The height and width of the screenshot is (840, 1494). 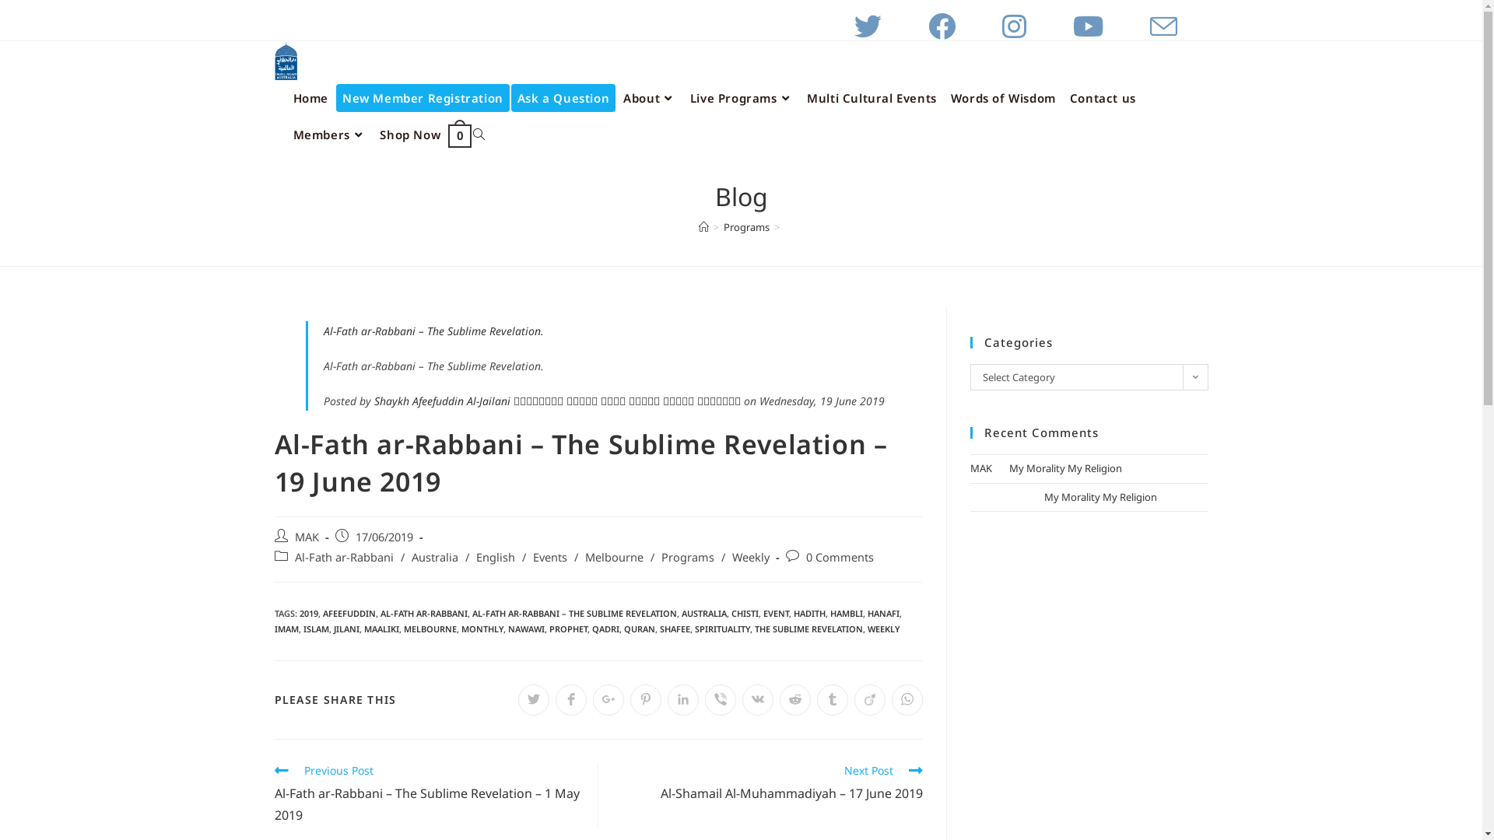 I want to click on 'Australia', so click(x=433, y=556).